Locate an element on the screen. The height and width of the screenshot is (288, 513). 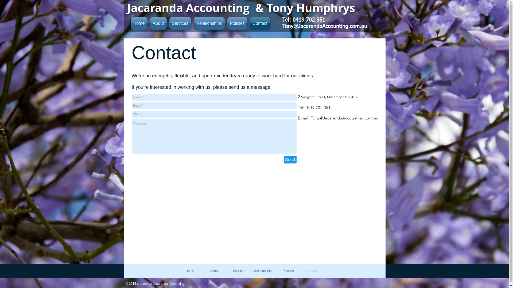
'About' is located at coordinates (214, 271).